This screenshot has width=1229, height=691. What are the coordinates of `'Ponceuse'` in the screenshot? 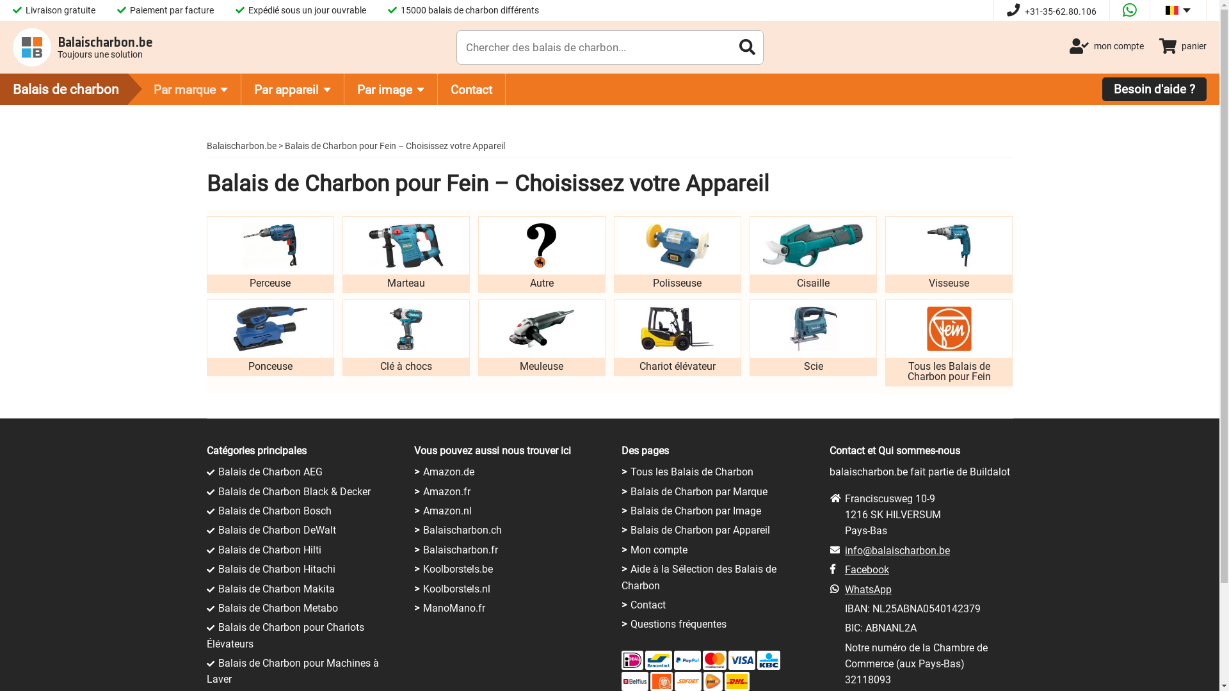 It's located at (269, 337).